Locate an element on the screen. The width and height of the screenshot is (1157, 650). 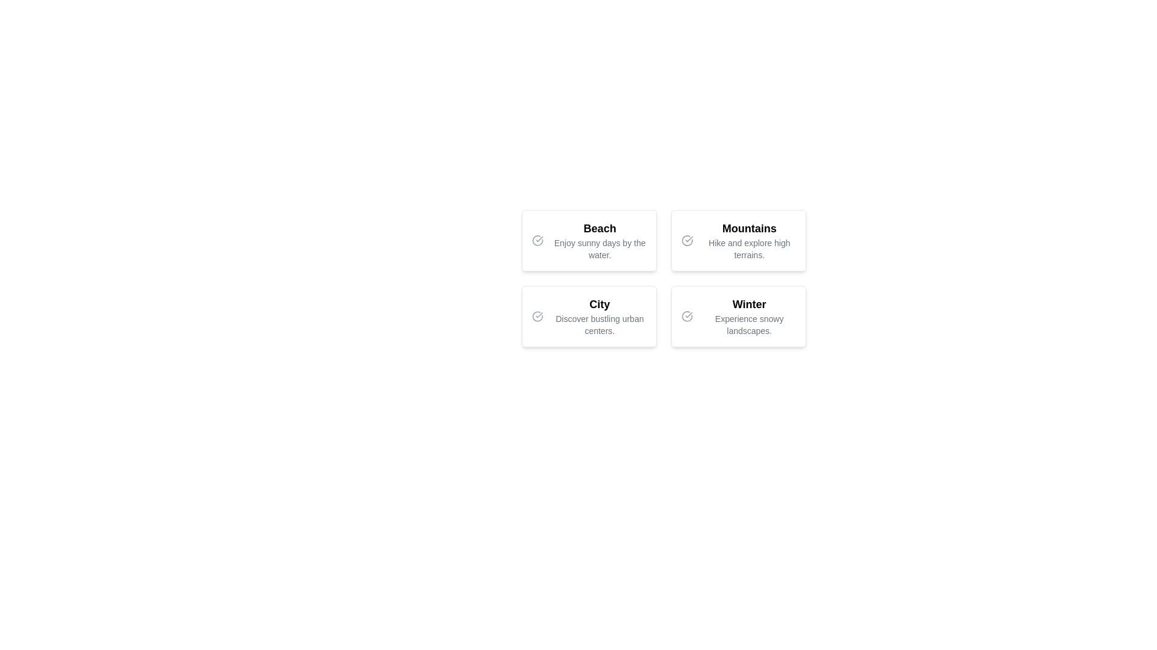
the visual indicator icon associated with the 'Winter' card, positioned in the bottom-right quadrant of a 2x2 grid layout, to the left of the 'Winter' title text is located at coordinates (687, 315).